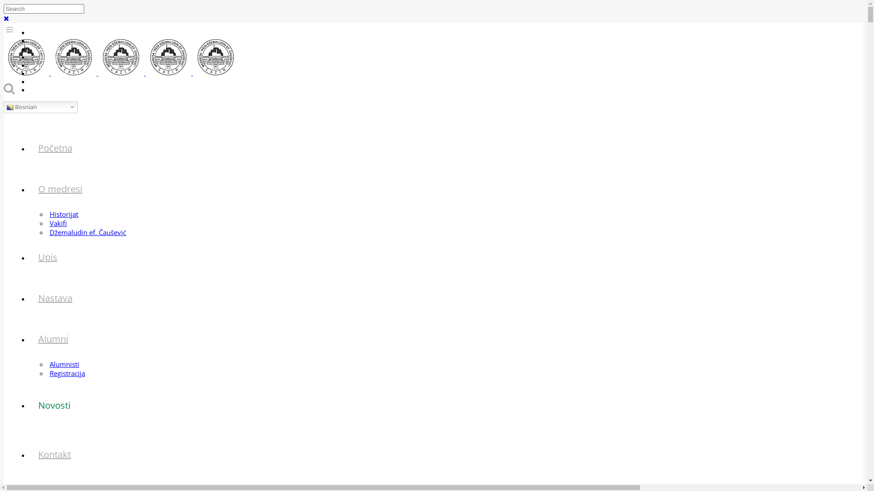 The height and width of the screenshot is (491, 874). Describe the element at coordinates (30, 49) in the screenshot. I see `'Galerija'` at that location.